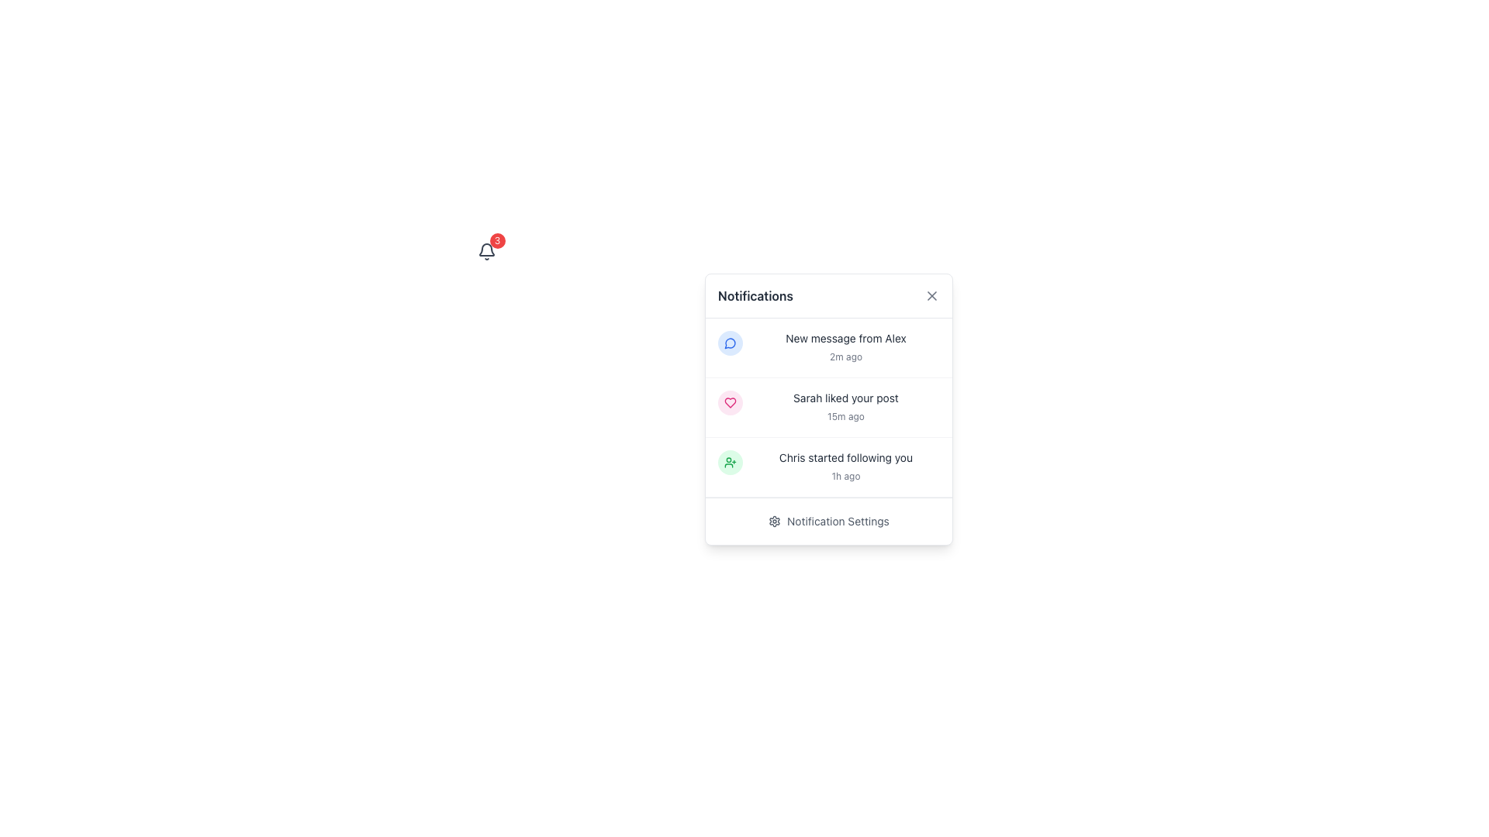 The width and height of the screenshot is (1489, 837). What do you see at coordinates (828, 408) in the screenshot?
I see `the Notification card indicating that Sarah liked the user's post 15 minutes ago, which is the second item in the dropdown panel` at bounding box center [828, 408].